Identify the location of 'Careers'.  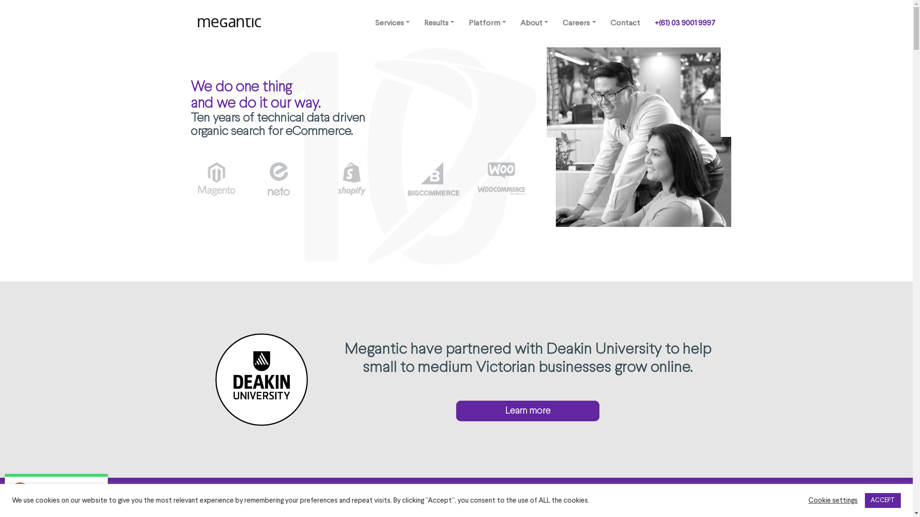
(578, 23).